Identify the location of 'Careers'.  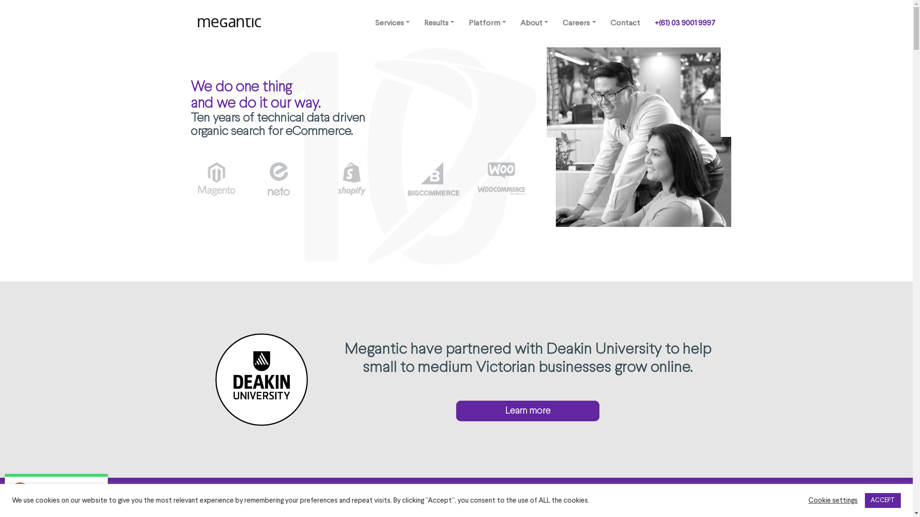
(578, 23).